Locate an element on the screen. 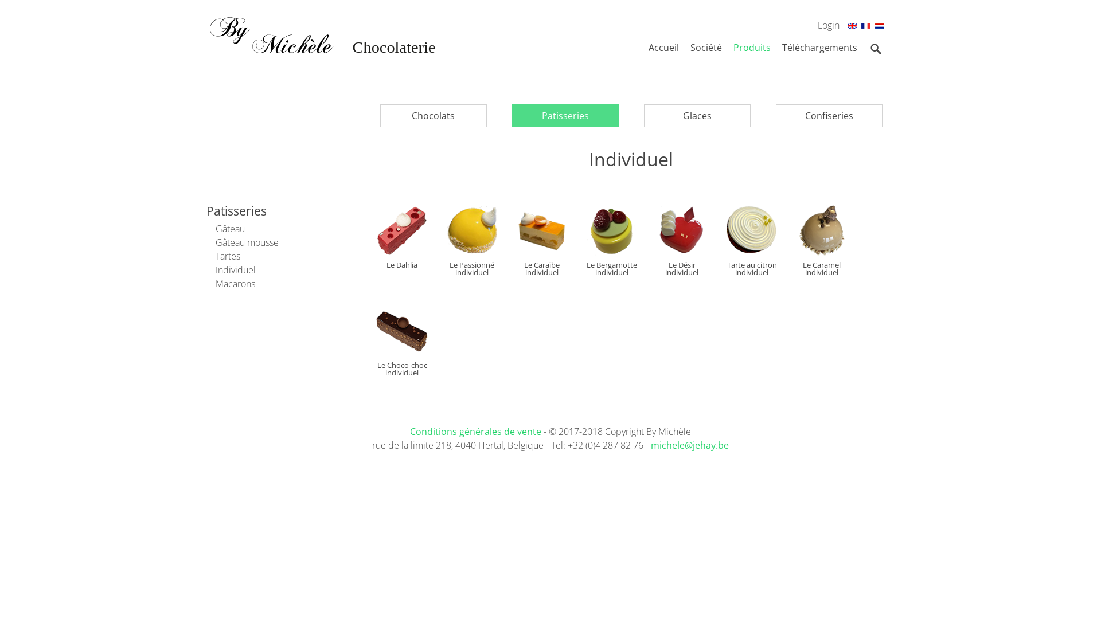  'Glaces' is located at coordinates (696, 115).